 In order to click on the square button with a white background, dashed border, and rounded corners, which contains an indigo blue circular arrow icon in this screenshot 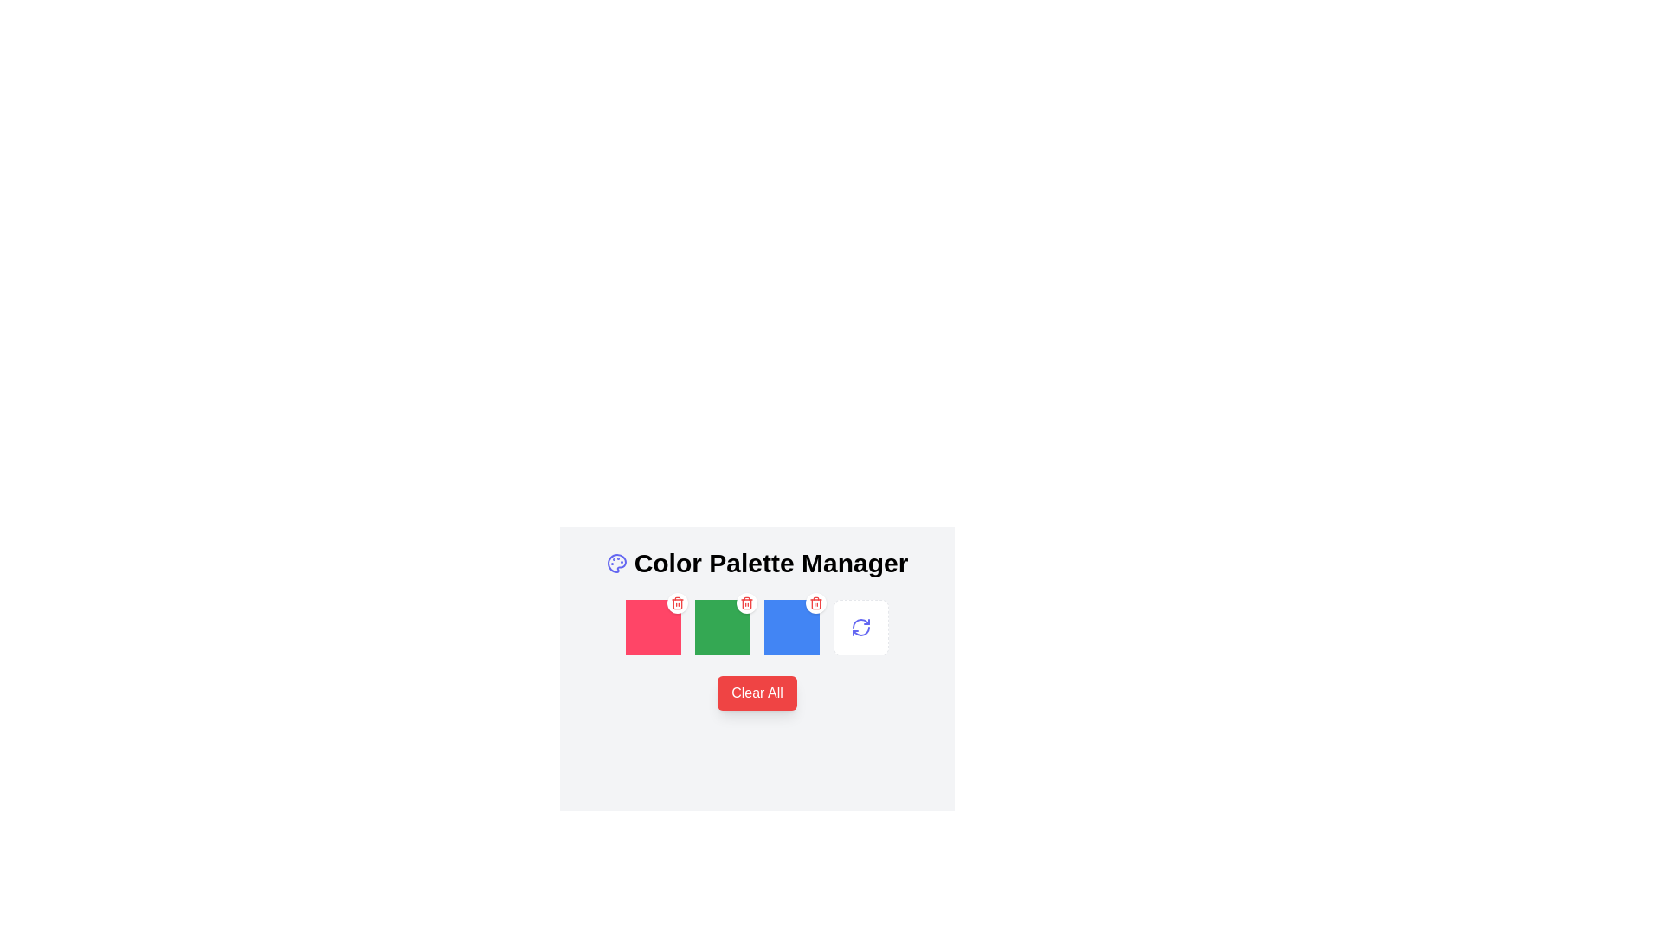, I will do `click(860, 628)`.